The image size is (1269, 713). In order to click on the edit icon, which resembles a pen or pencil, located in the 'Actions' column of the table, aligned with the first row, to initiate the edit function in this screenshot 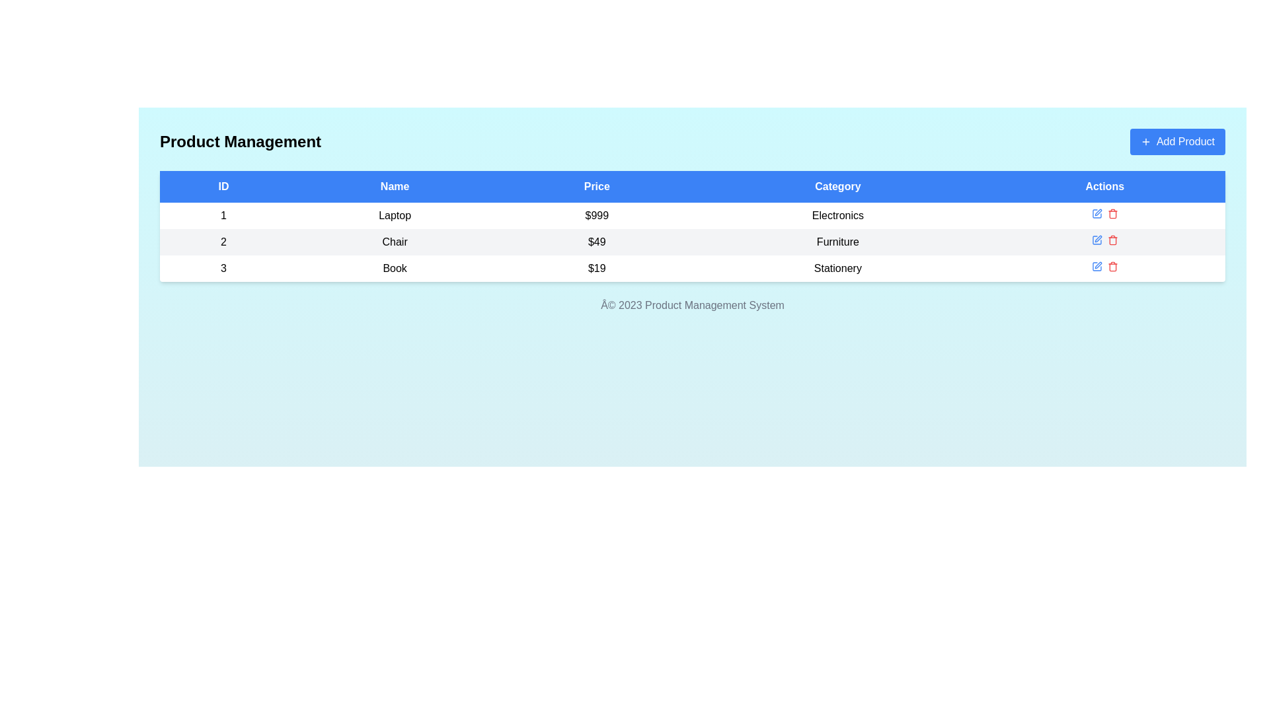, I will do `click(1098, 211)`.